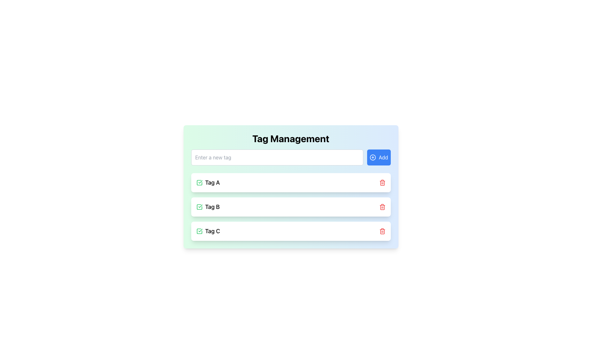 The width and height of the screenshot is (614, 345). Describe the element at coordinates (382, 231) in the screenshot. I see `the red trash icon located at the end of the row labeled 'Tag C'` at that location.